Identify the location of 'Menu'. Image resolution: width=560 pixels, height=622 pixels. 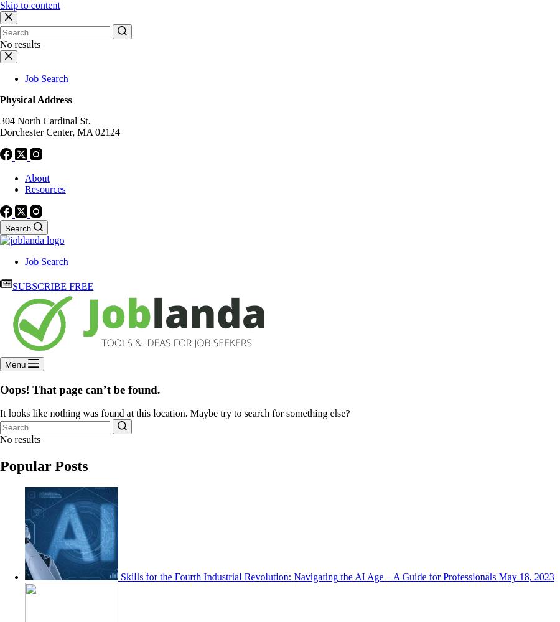
(14, 364).